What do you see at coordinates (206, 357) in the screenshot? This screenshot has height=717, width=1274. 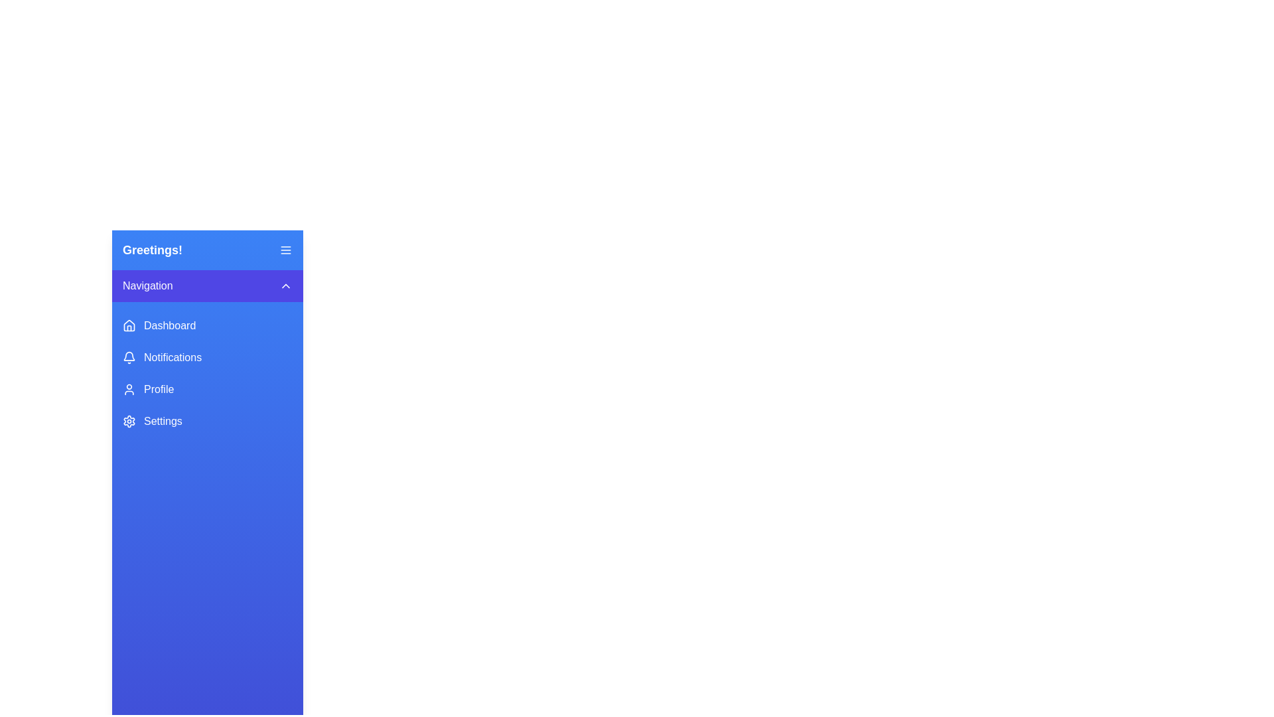 I see `the 'Notifications' button` at bounding box center [206, 357].